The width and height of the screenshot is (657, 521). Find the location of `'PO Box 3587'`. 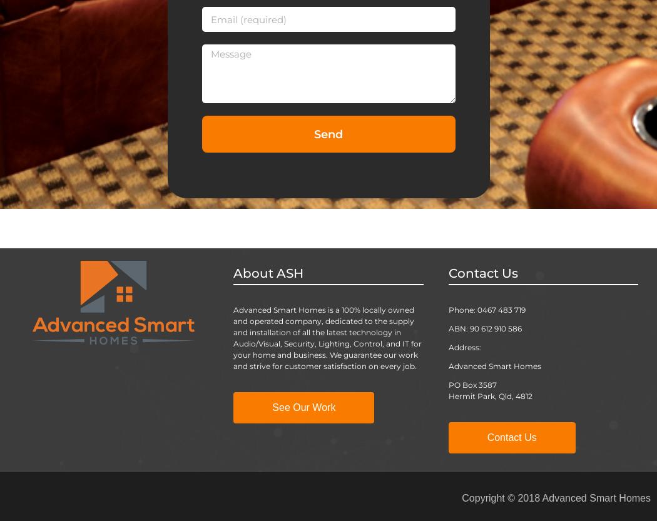

'PO Box 3587' is located at coordinates (472, 385).